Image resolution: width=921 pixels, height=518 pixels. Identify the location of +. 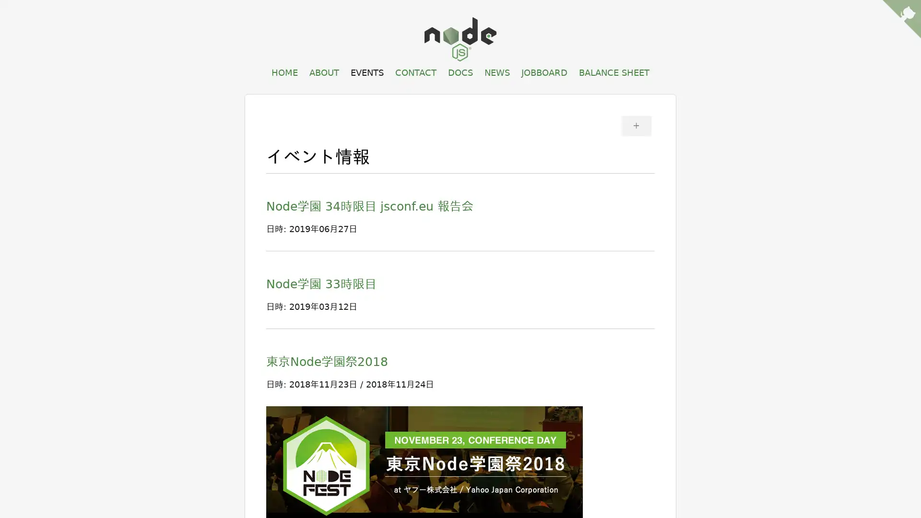
(636, 125).